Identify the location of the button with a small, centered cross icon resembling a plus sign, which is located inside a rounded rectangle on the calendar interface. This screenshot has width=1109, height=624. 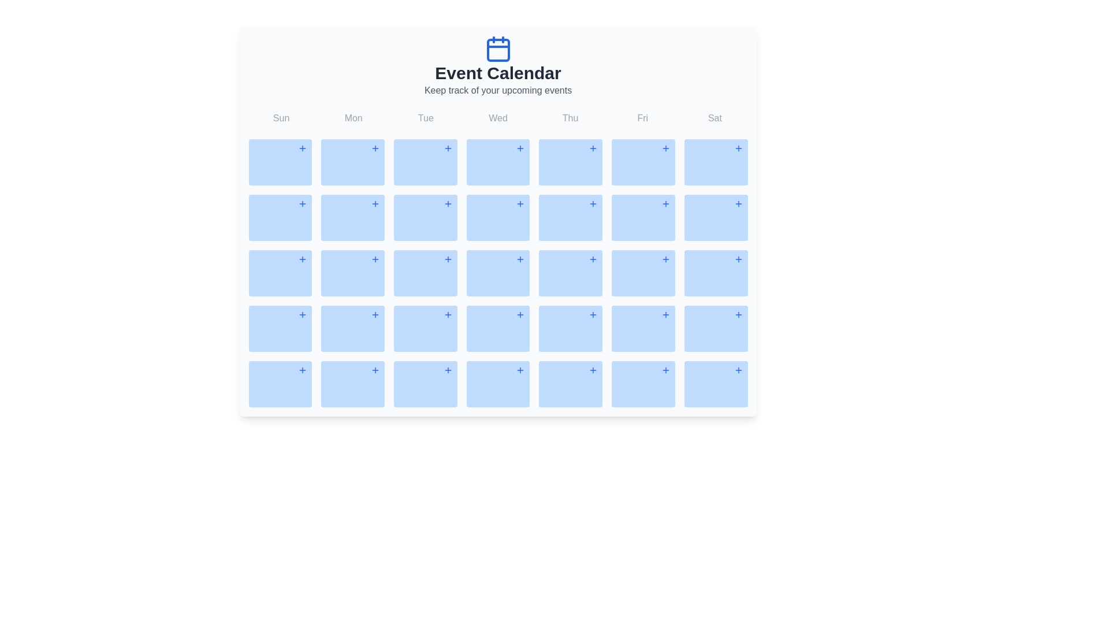
(447, 203).